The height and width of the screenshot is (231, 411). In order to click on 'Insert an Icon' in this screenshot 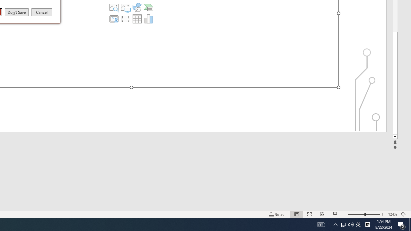, I will do `click(136, 7)`.